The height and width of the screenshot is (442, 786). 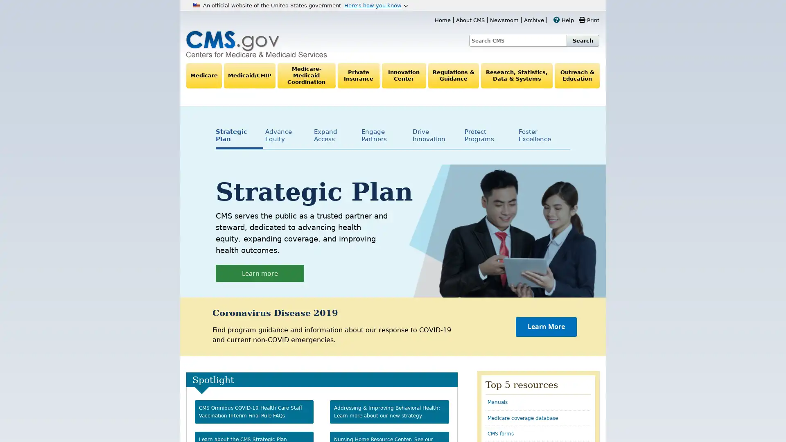 What do you see at coordinates (583, 41) in the screenshot?
I see `Search` at bounding box center [583, 41].